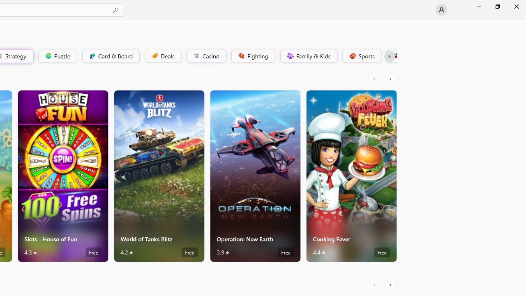 The height and width of the screenshot is (296, 526). Describe the element at coordinates (162, 55) in the screenshot. I see `'Deals'` at that location.